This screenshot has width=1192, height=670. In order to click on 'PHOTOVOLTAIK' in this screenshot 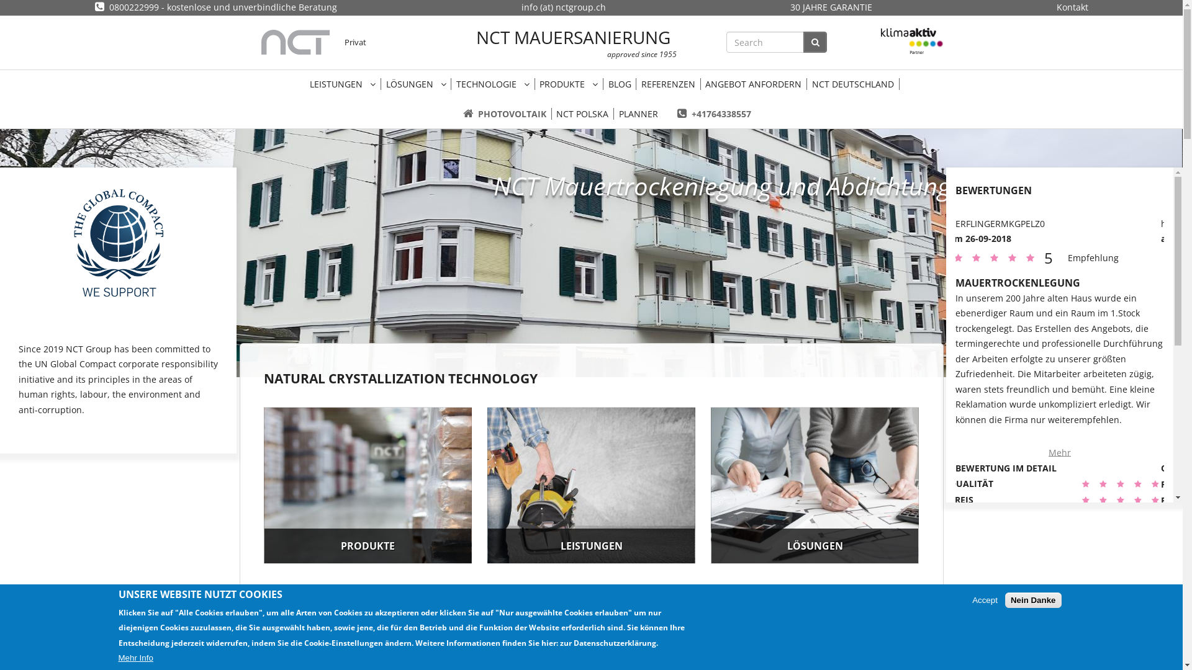, I will do `click(458, 114)`.